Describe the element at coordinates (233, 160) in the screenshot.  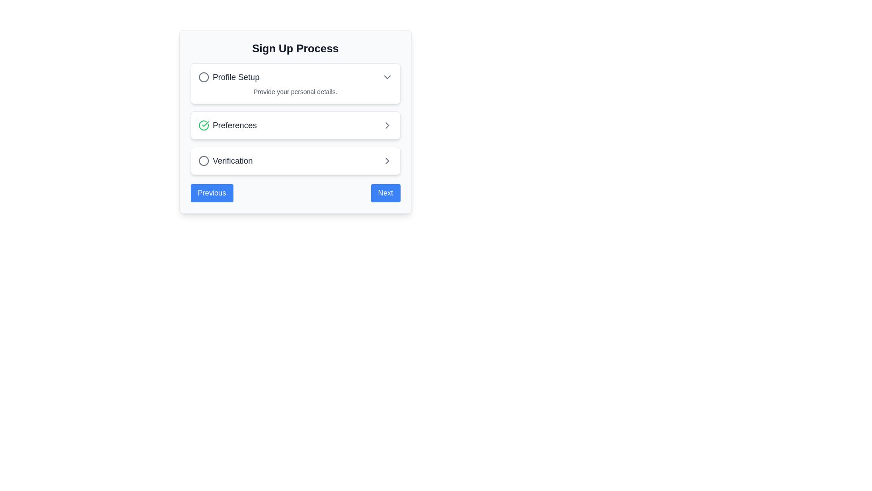
I see `the 'Verification' text label, which is the second element in the navigation step component of the sign-up process` at that location.